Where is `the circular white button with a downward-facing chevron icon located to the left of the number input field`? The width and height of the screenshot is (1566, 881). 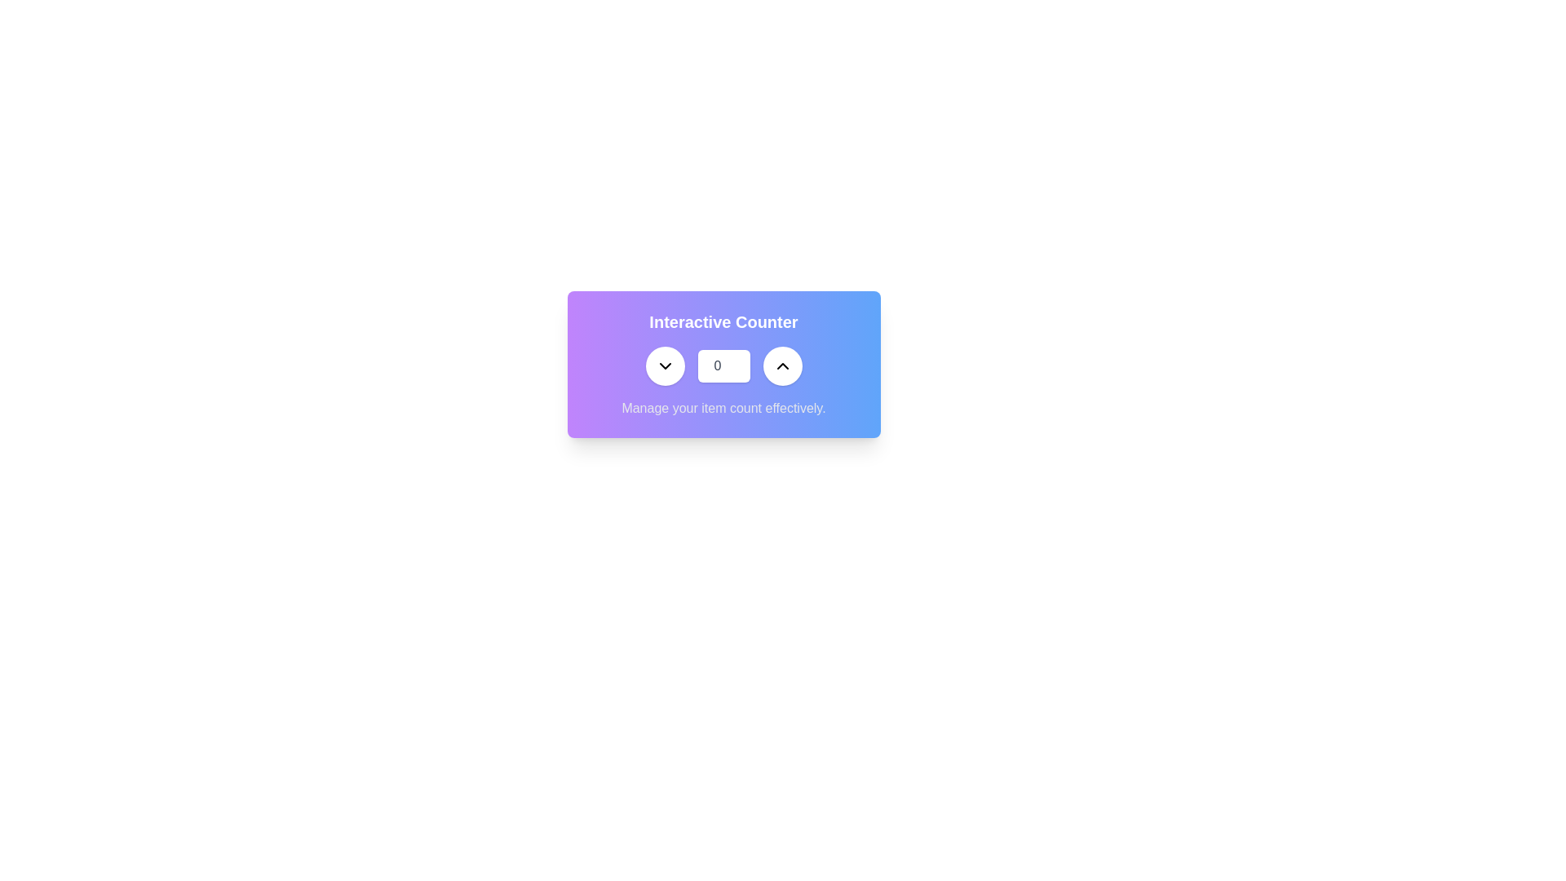 the circular white button with a downward-facing chevron icon located to the left of the number input field is located at coordinates (665, 365).